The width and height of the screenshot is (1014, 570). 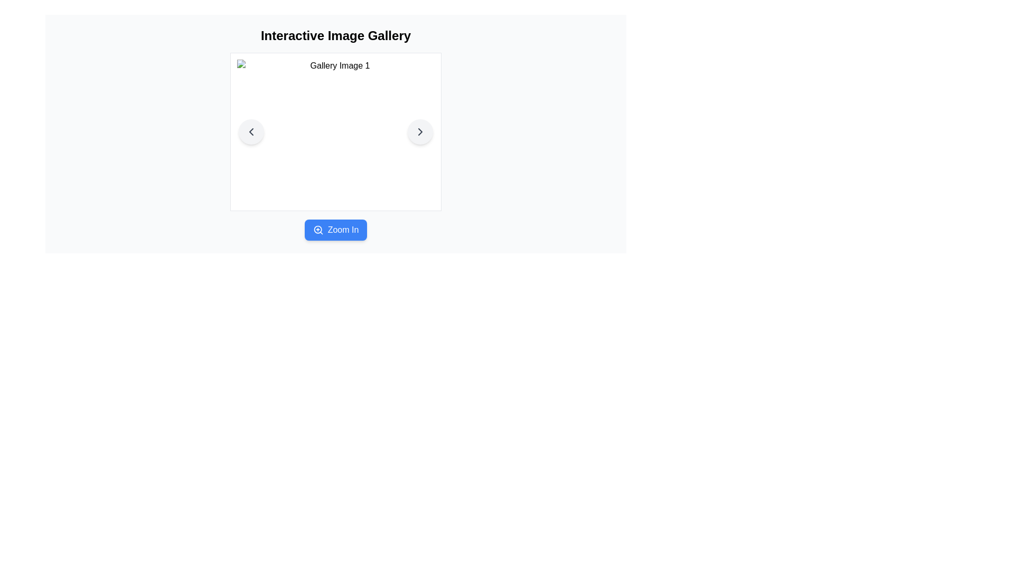 What do you see at coordinates (335, 35) in the screenshot?
I see `main title of the image gallery, which is centrally positioned at the top of the interface, serving as context for the elements below` at bounding box center [335, 35].